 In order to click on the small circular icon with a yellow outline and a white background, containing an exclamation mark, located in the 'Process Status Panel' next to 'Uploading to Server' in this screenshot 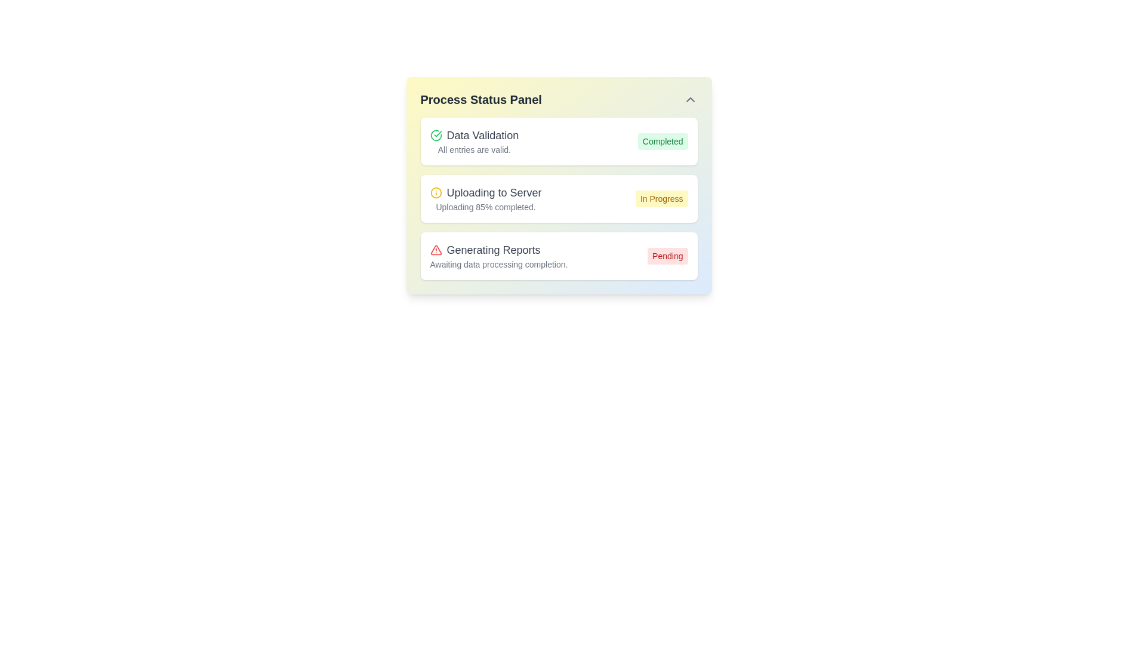, I will do `click(435, 192)`.